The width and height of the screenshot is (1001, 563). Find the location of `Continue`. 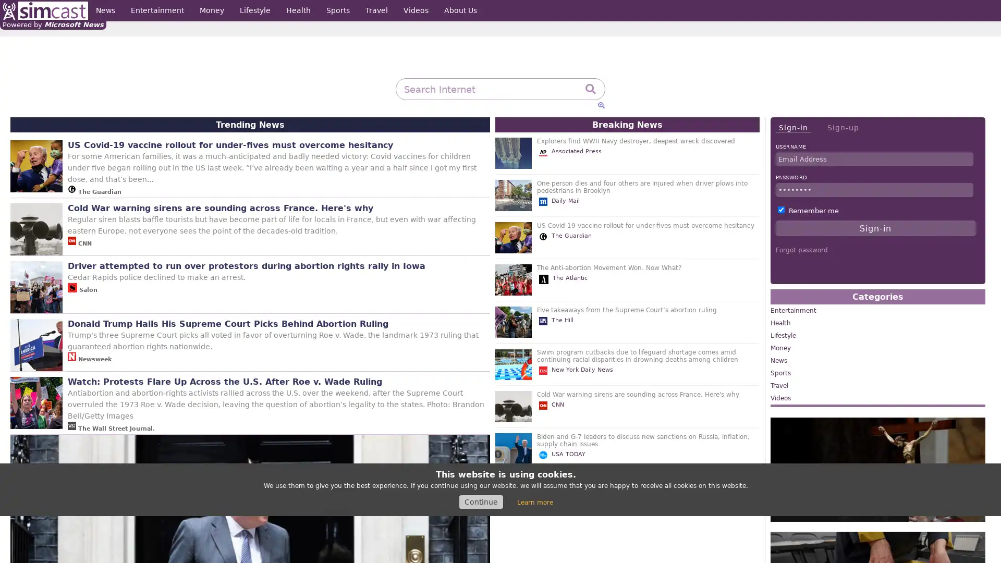

Continue is located at coordinates (480, 501).